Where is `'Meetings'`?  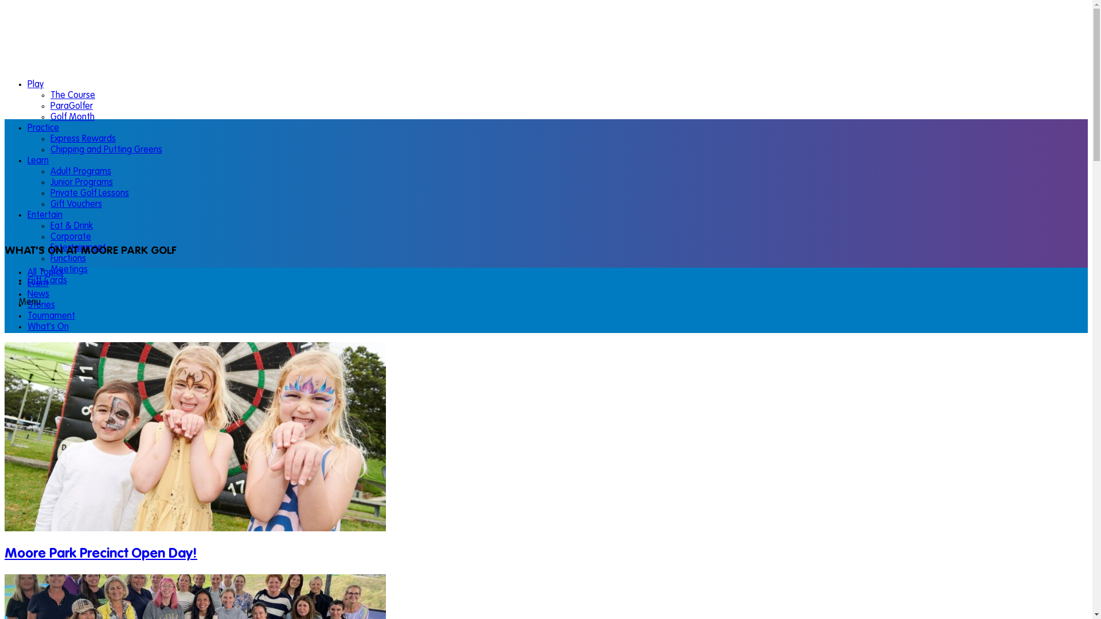
'Meetings' is located at coordinates (49, 269).